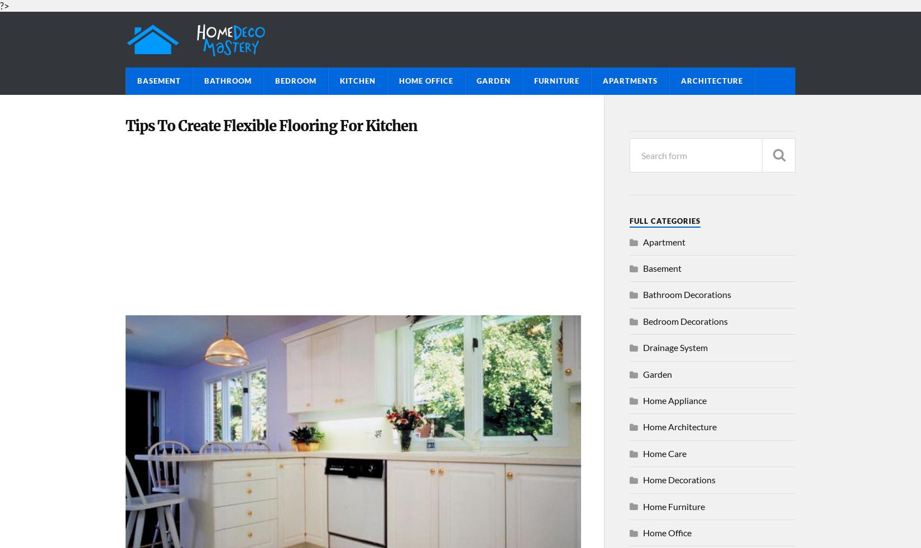  I want to click on 'Tips To Create Flexible Flooring For Kitchen', so click(126, 124).